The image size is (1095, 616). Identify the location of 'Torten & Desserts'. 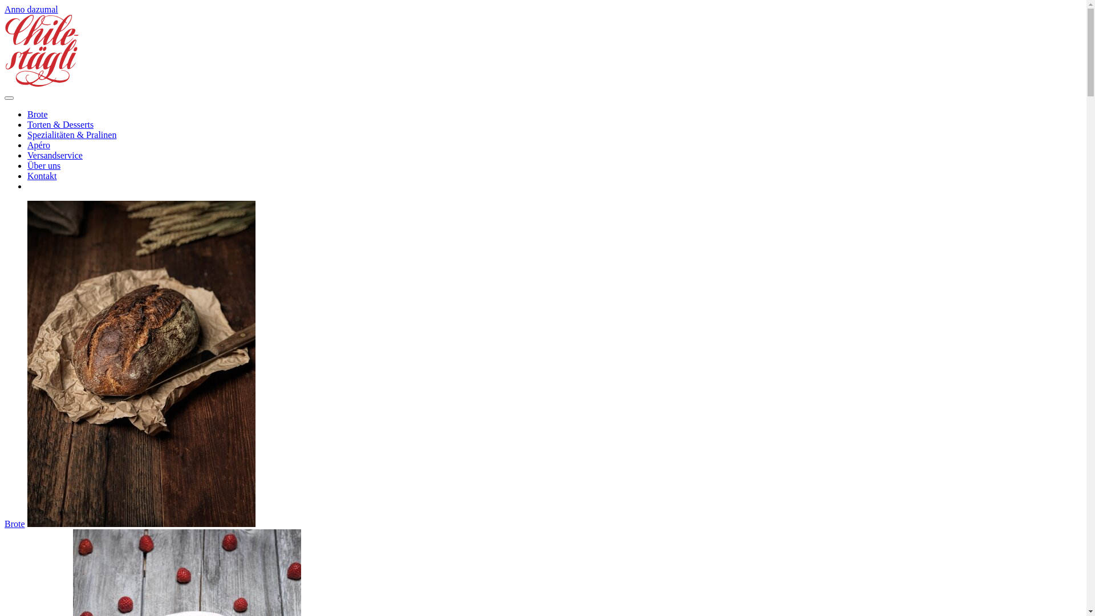
(59, 124).